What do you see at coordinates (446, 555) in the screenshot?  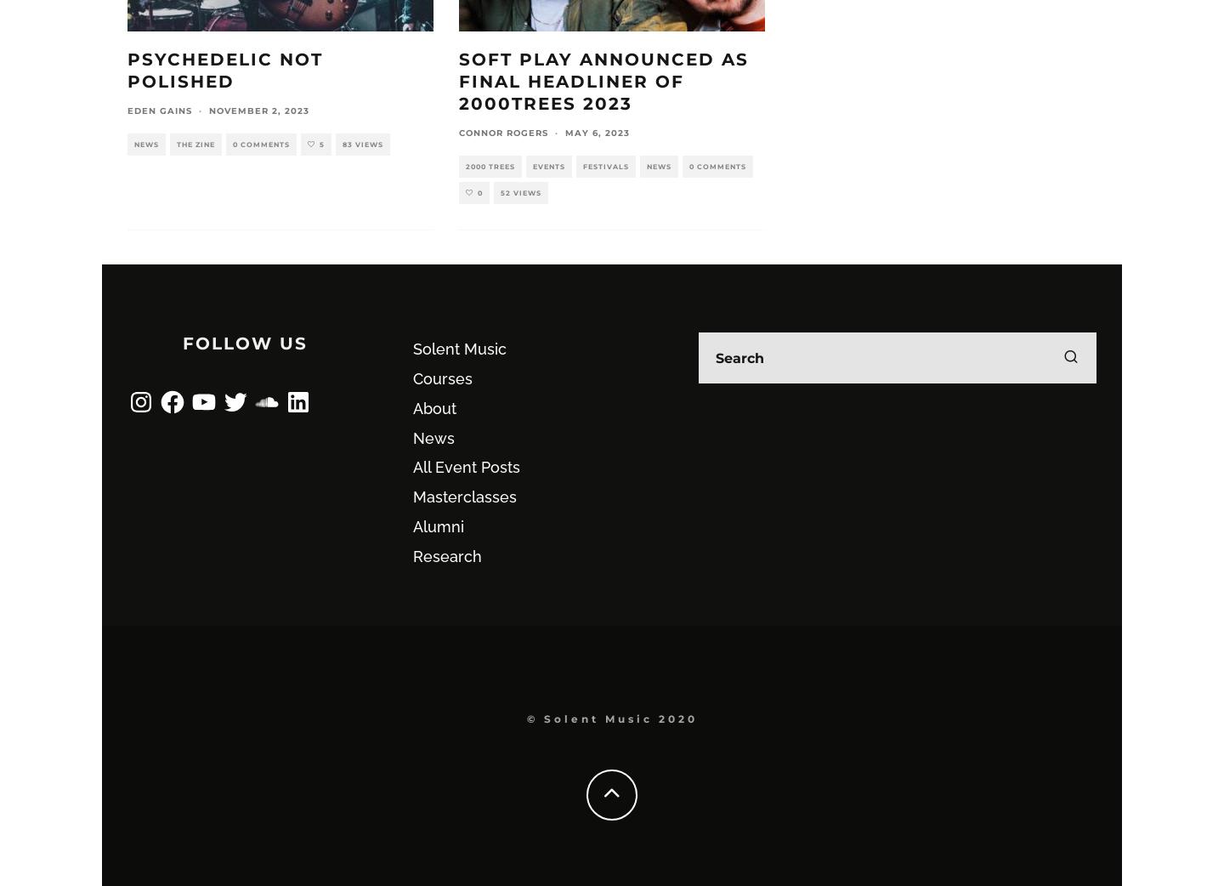 I see `'Research'` at bounding box center [446, 555].